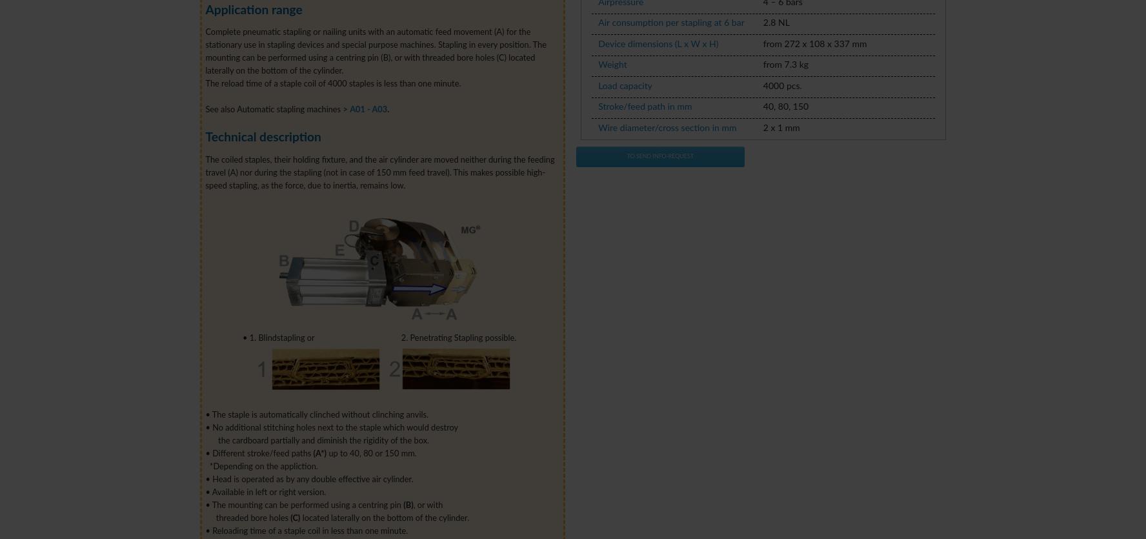 Image resolution: width=1146 pixels, height=539 pixels. What do you see at coordinates (402, 504) in the screenshot?
I see `'(B)'` at bounding box center [402, 504].